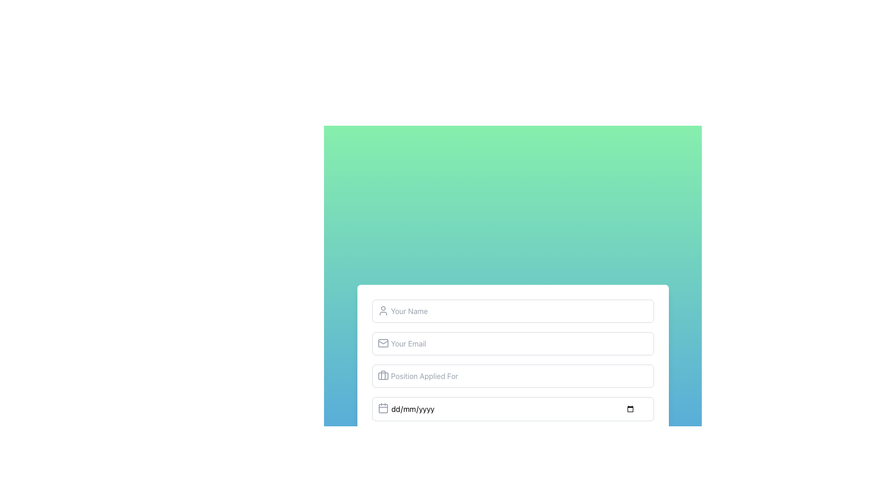 The width and height of the screenshot is (890, 501). Describe the element at coordinates (383, 407) in the screenshot. I see `the calendar icon in the top-left corner of the date input field` at that location.